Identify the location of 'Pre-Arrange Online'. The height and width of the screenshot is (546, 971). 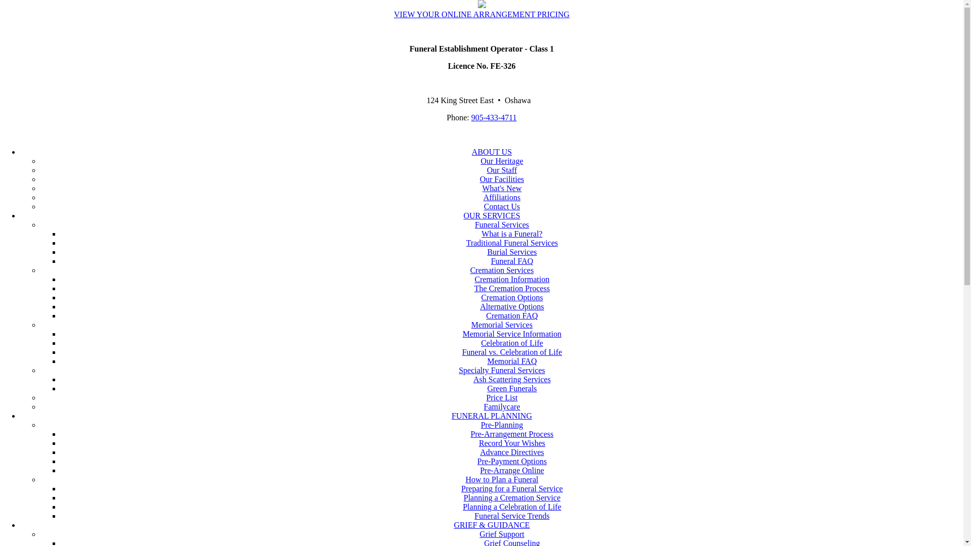
(479, 470).